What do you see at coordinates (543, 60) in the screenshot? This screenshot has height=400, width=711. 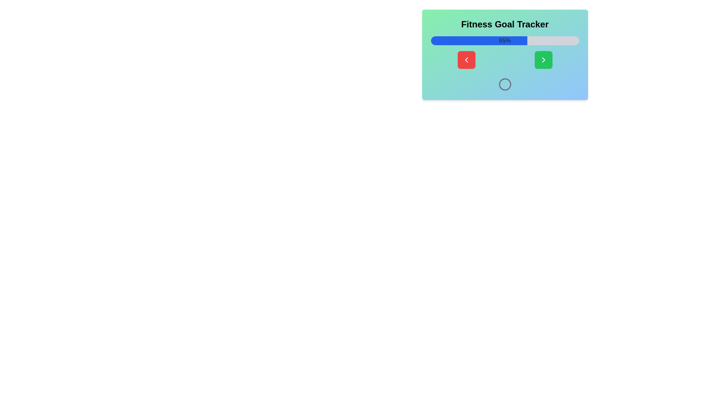 I see `the right-pointing chevron icon within the green circular button for accessibility navigation` at bounding box center [543, 60].